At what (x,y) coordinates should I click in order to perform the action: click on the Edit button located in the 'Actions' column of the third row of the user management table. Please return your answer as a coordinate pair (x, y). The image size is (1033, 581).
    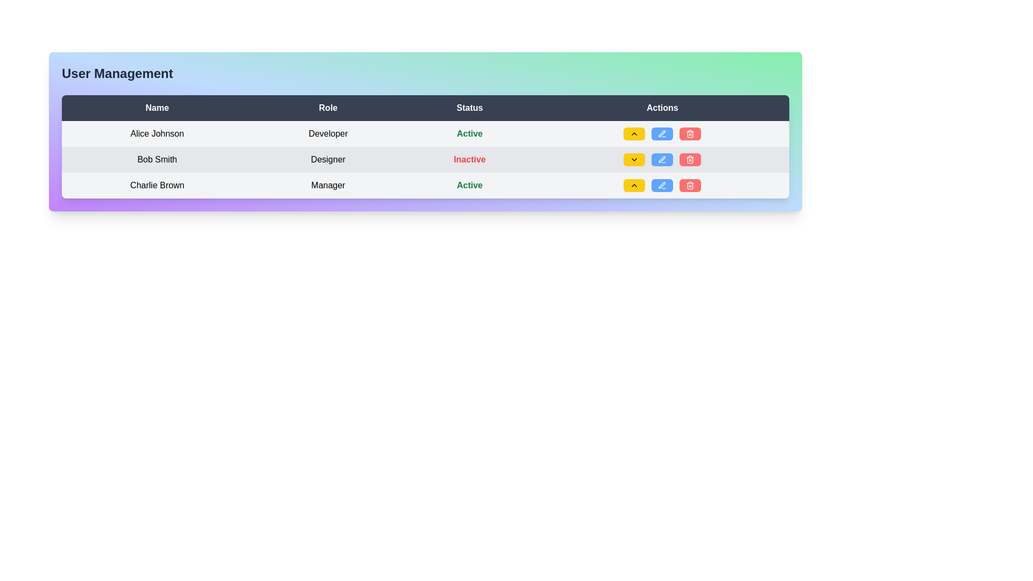
    Looking at the image, I should click on (662, 185).